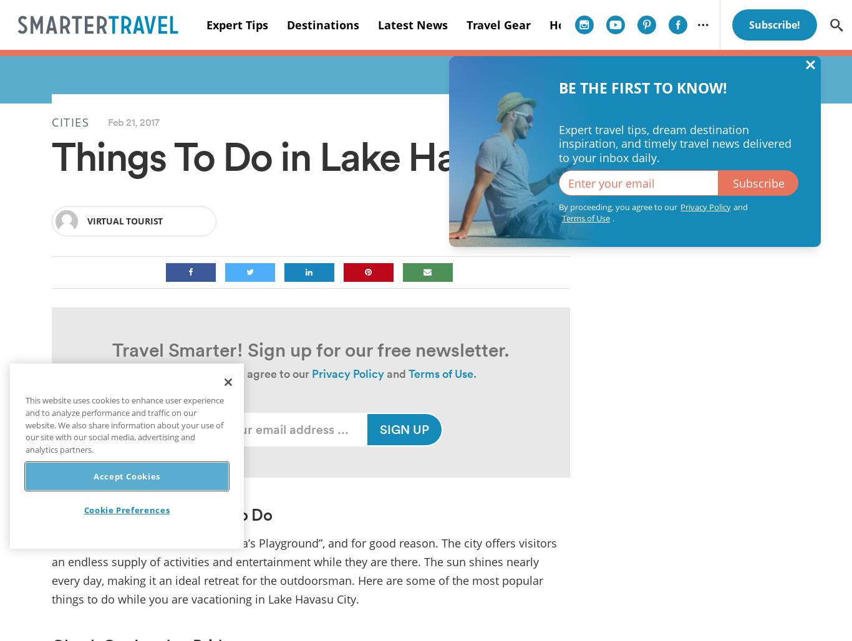 The image size is (852, 641). I want to click on 'BE THE FIRST TO KNOW!', so click(642, 88).